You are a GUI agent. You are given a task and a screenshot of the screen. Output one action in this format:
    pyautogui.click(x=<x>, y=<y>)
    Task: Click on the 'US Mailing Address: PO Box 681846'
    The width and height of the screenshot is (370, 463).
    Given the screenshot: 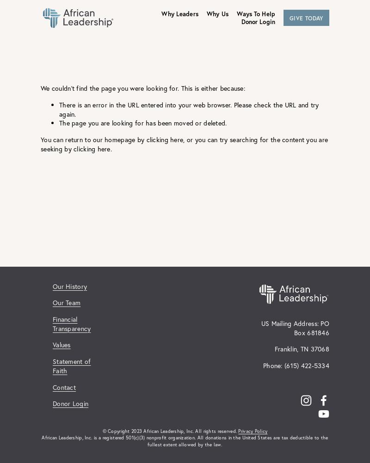 What is the action you would take?
    pyautogui.click(x=296, y=327)
    